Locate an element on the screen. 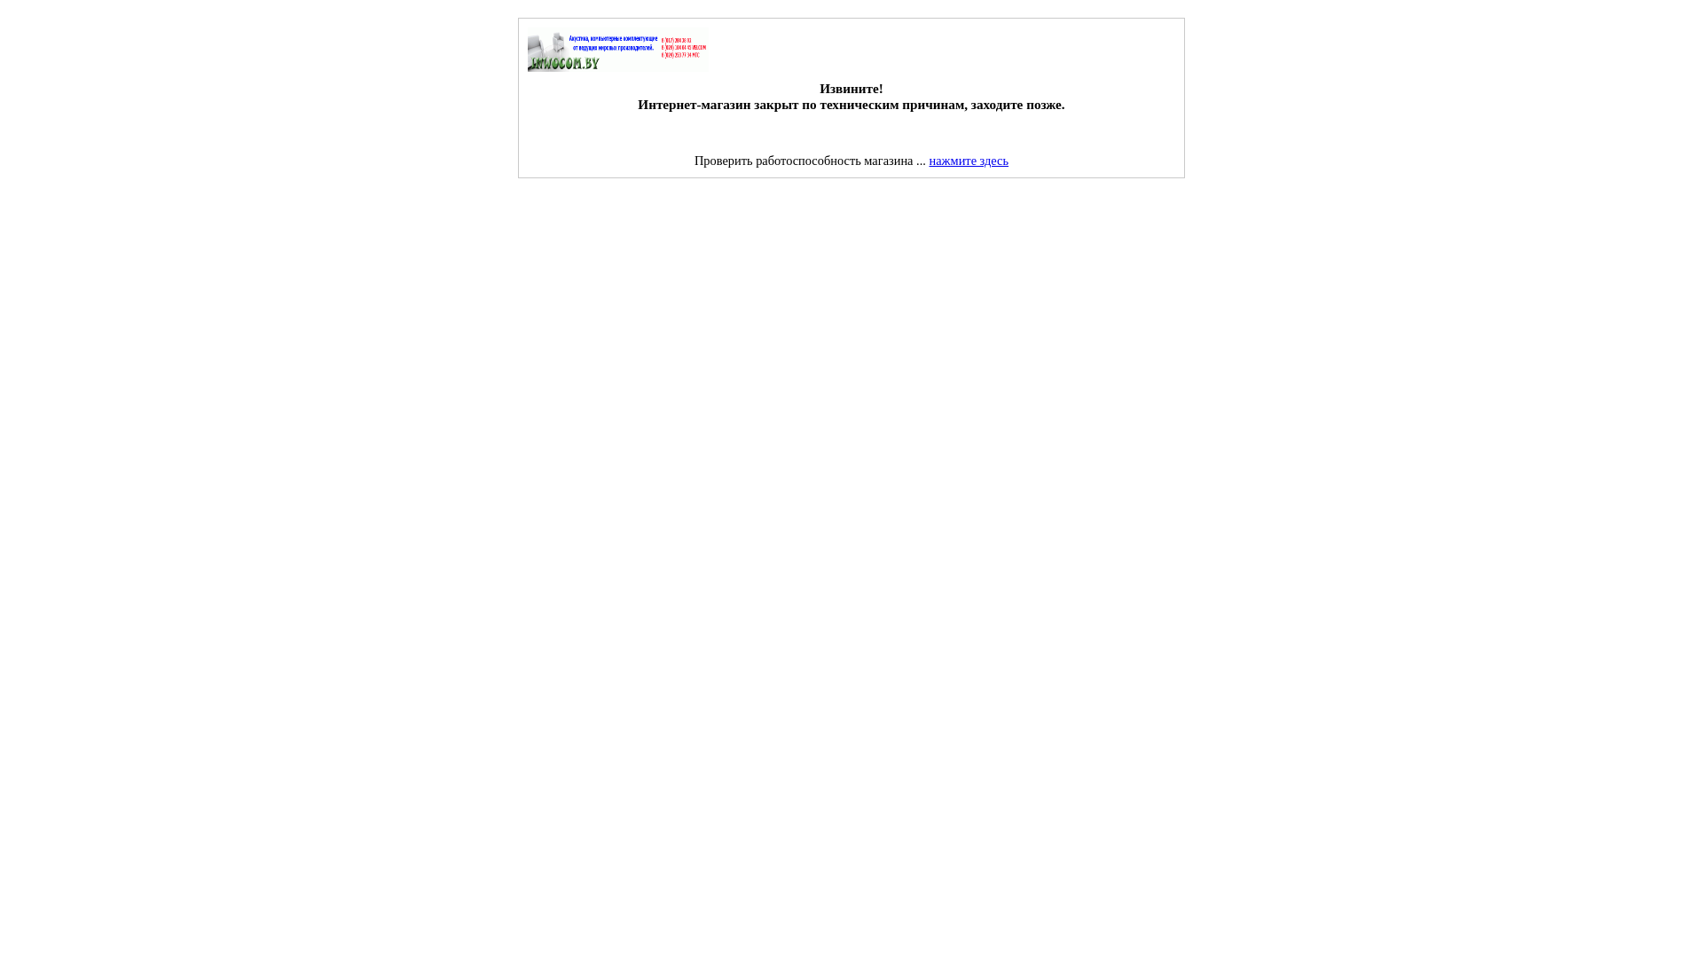 The image size is (1703, 958). 'osCommerce VaM Edition' is located at coordinates (617, 49).